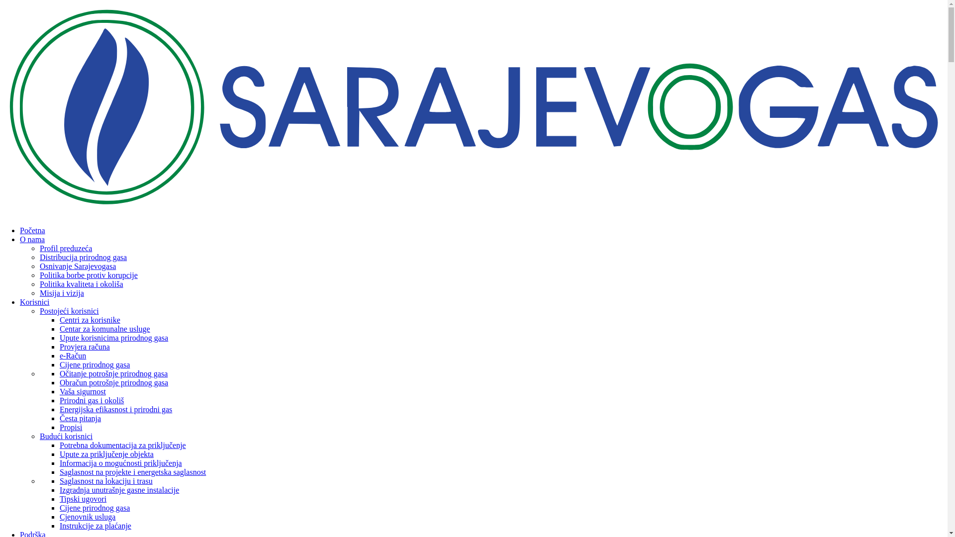 The image size is (955, 537). What do you see at coordinates (35, 301) in the screenshot?
I see `'Korisnici'` at bounding box center [35, 301].